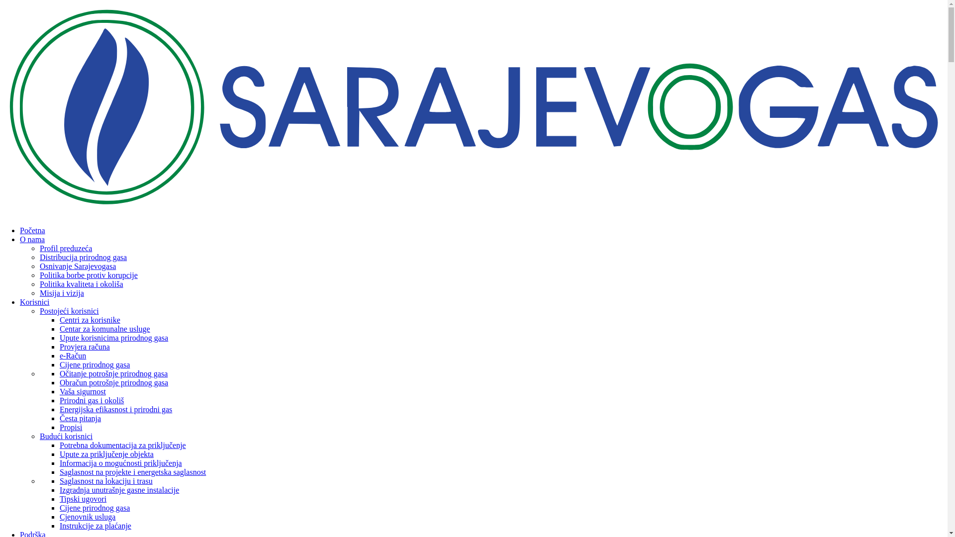 The image size is (955, 537). What do you see at coordinates (35, 301) in the screenshot?
I see `'Korisnici'` at bounding box center [35, 301].